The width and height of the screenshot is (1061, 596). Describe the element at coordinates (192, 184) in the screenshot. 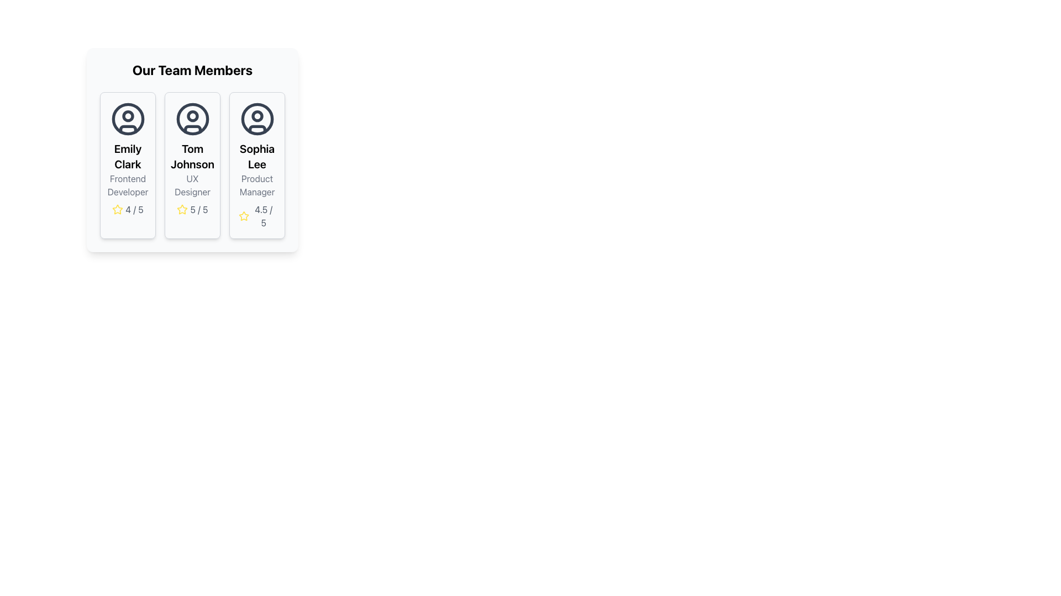

I see `the Text Label displaying the job title 'UX Designer' for the individual 'Tom Johnson', which is located between the name and the rating in the middle card of a three-card layout` at that location.